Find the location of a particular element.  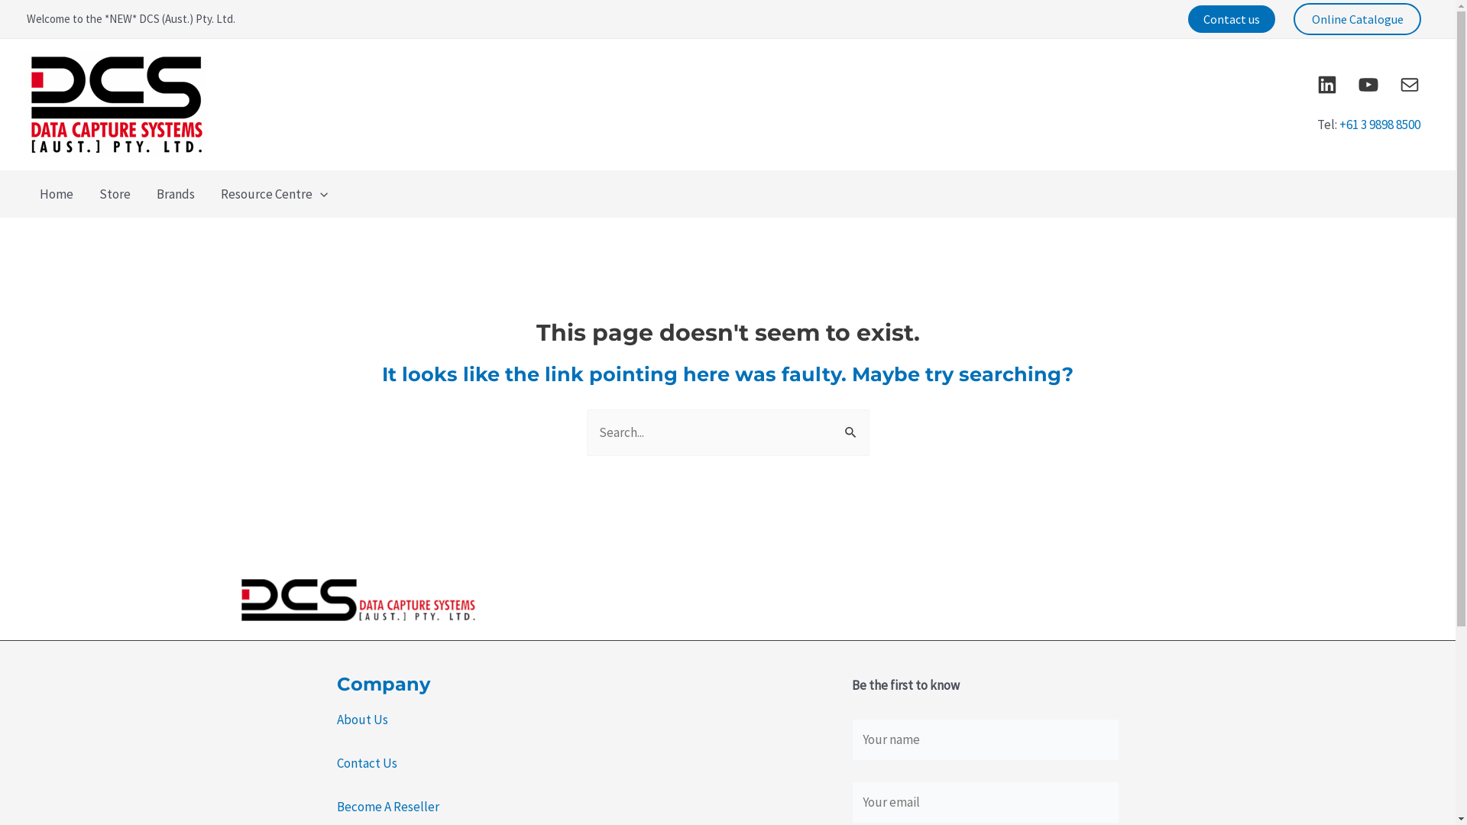

'Home' is located at coordinates (56, 193).